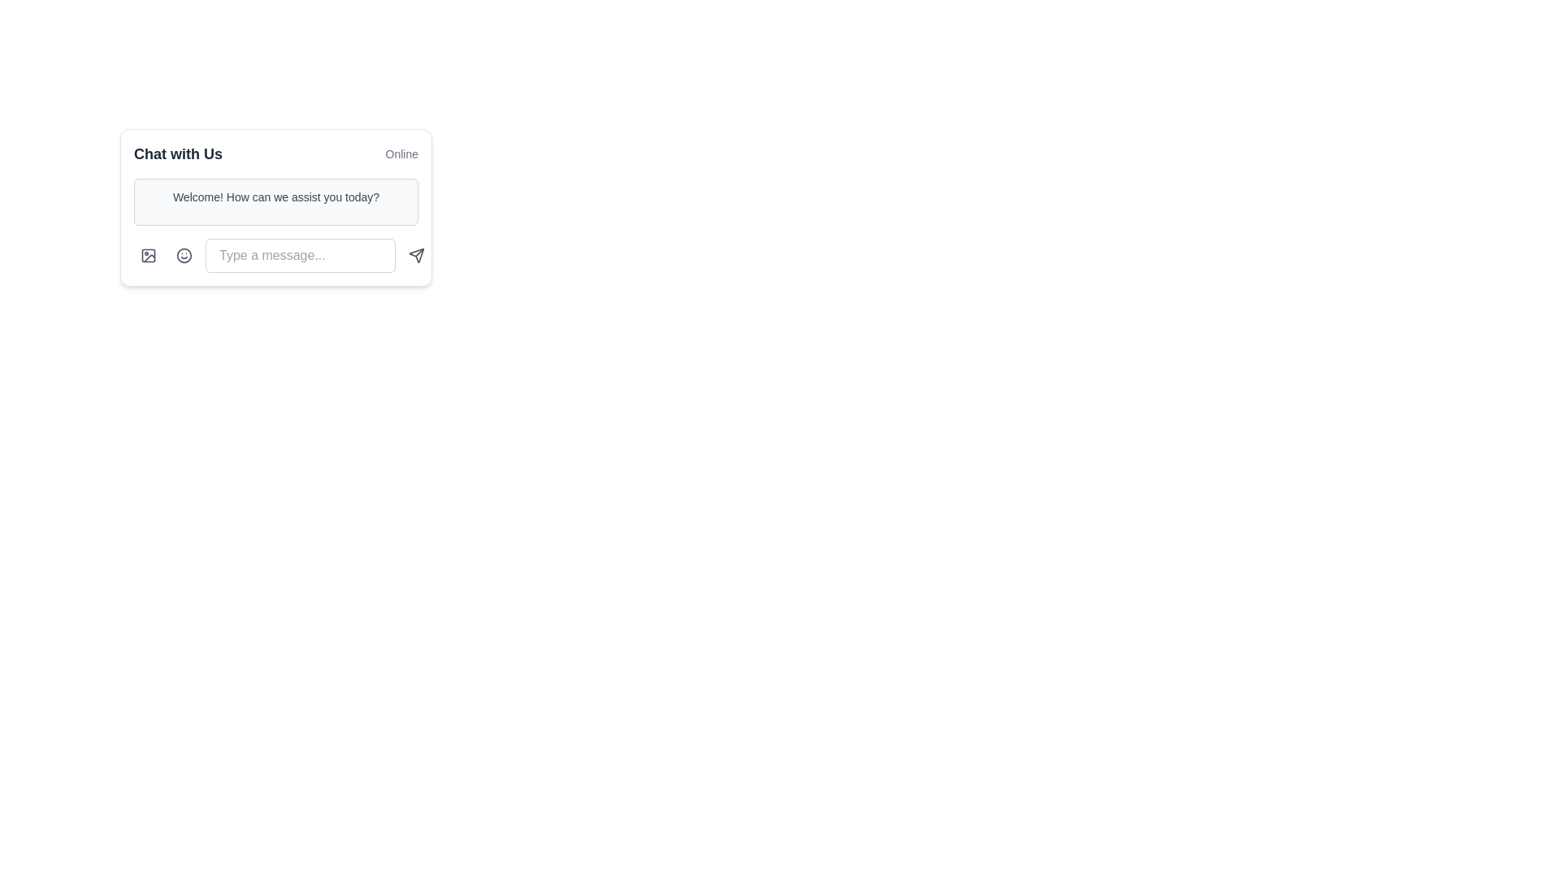 The width and height of the screenshot is (1560, 877). Describe the element at coordinates (300, 256) in the screenshot. I see `the text input field displaying the placeholder 'Type a message...' which is styled as a rounded rectangle with light gray borders, located towards the center of the chat interface` at that location.